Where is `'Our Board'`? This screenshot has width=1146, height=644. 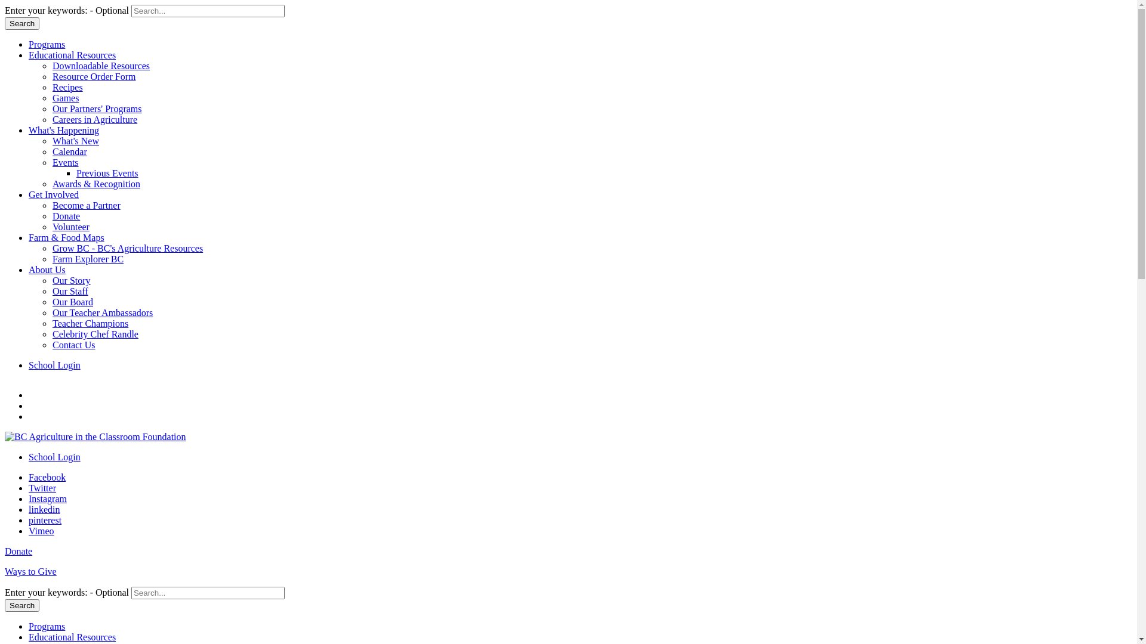 'Our Board' is located at coordinates (72, 301).